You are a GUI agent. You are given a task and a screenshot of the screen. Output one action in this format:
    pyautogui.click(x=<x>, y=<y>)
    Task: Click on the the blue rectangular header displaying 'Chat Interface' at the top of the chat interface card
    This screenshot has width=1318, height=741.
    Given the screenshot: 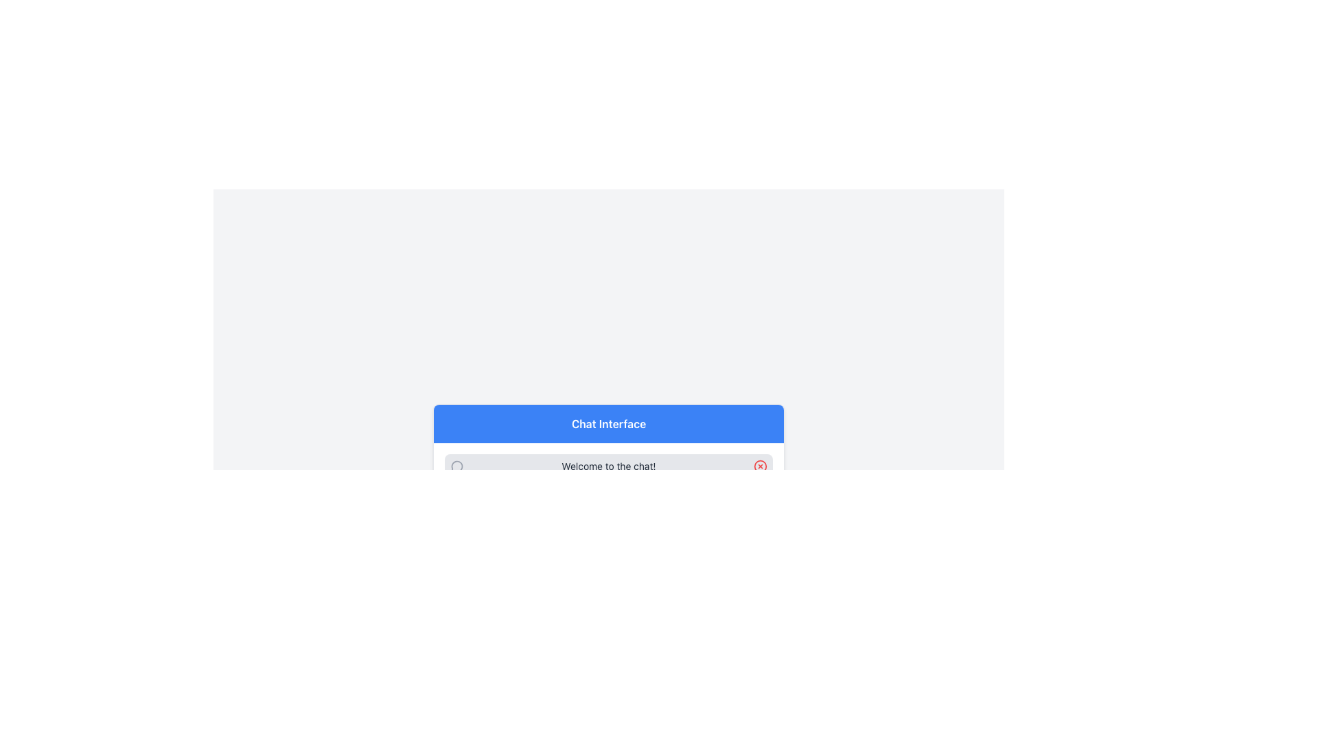 What is the action you would take?
    pyautogui.click(x=608, y=423)
    